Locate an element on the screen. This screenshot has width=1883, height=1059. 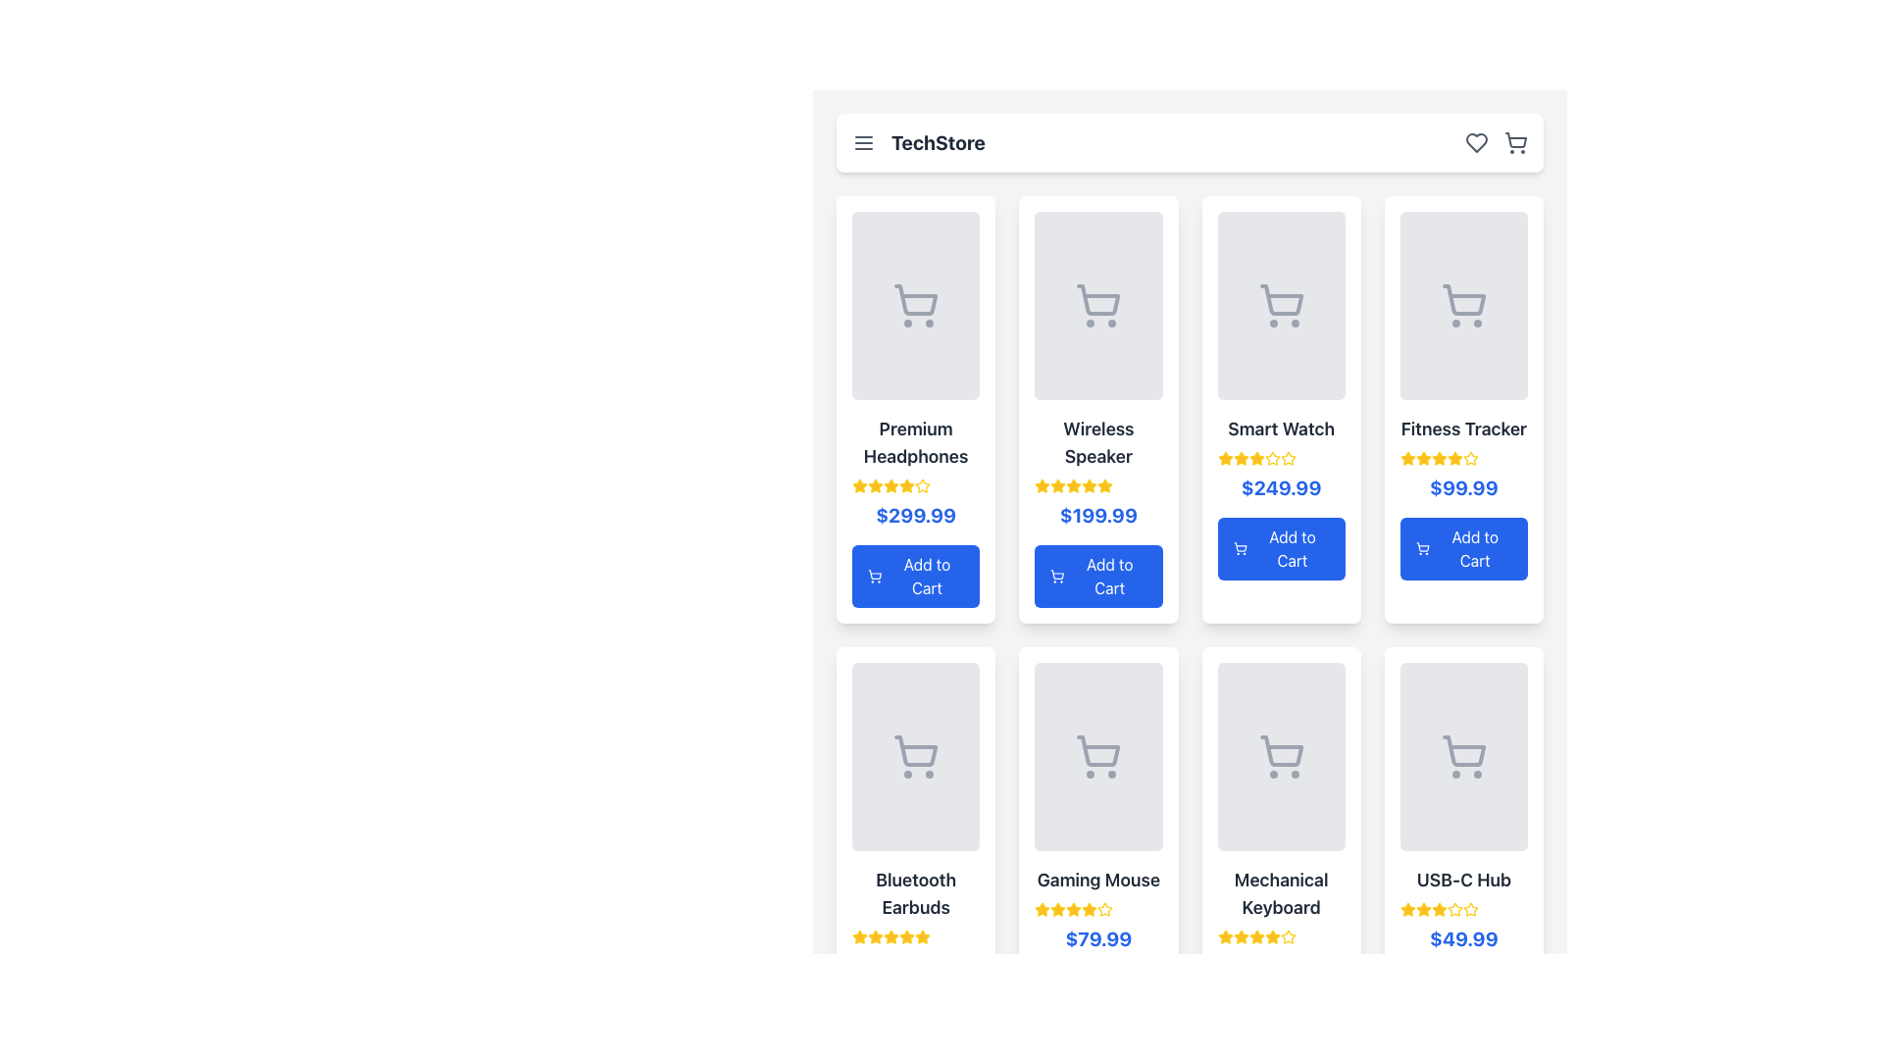
the Rating star icon located in the fifth product card (Bluetooth Earbuds) in the grid layout, positioned under the product title and above the price is located at coordinates (921, 935).